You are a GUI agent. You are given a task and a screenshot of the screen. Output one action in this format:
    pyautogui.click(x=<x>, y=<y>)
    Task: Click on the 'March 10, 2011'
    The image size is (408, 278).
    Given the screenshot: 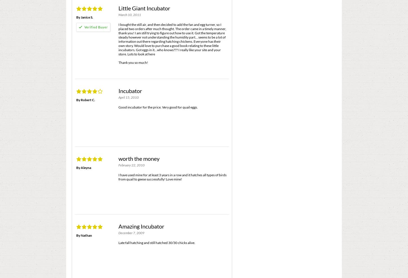 What is the action you would take?
    pyautogui.click(x=129, y=14)
    